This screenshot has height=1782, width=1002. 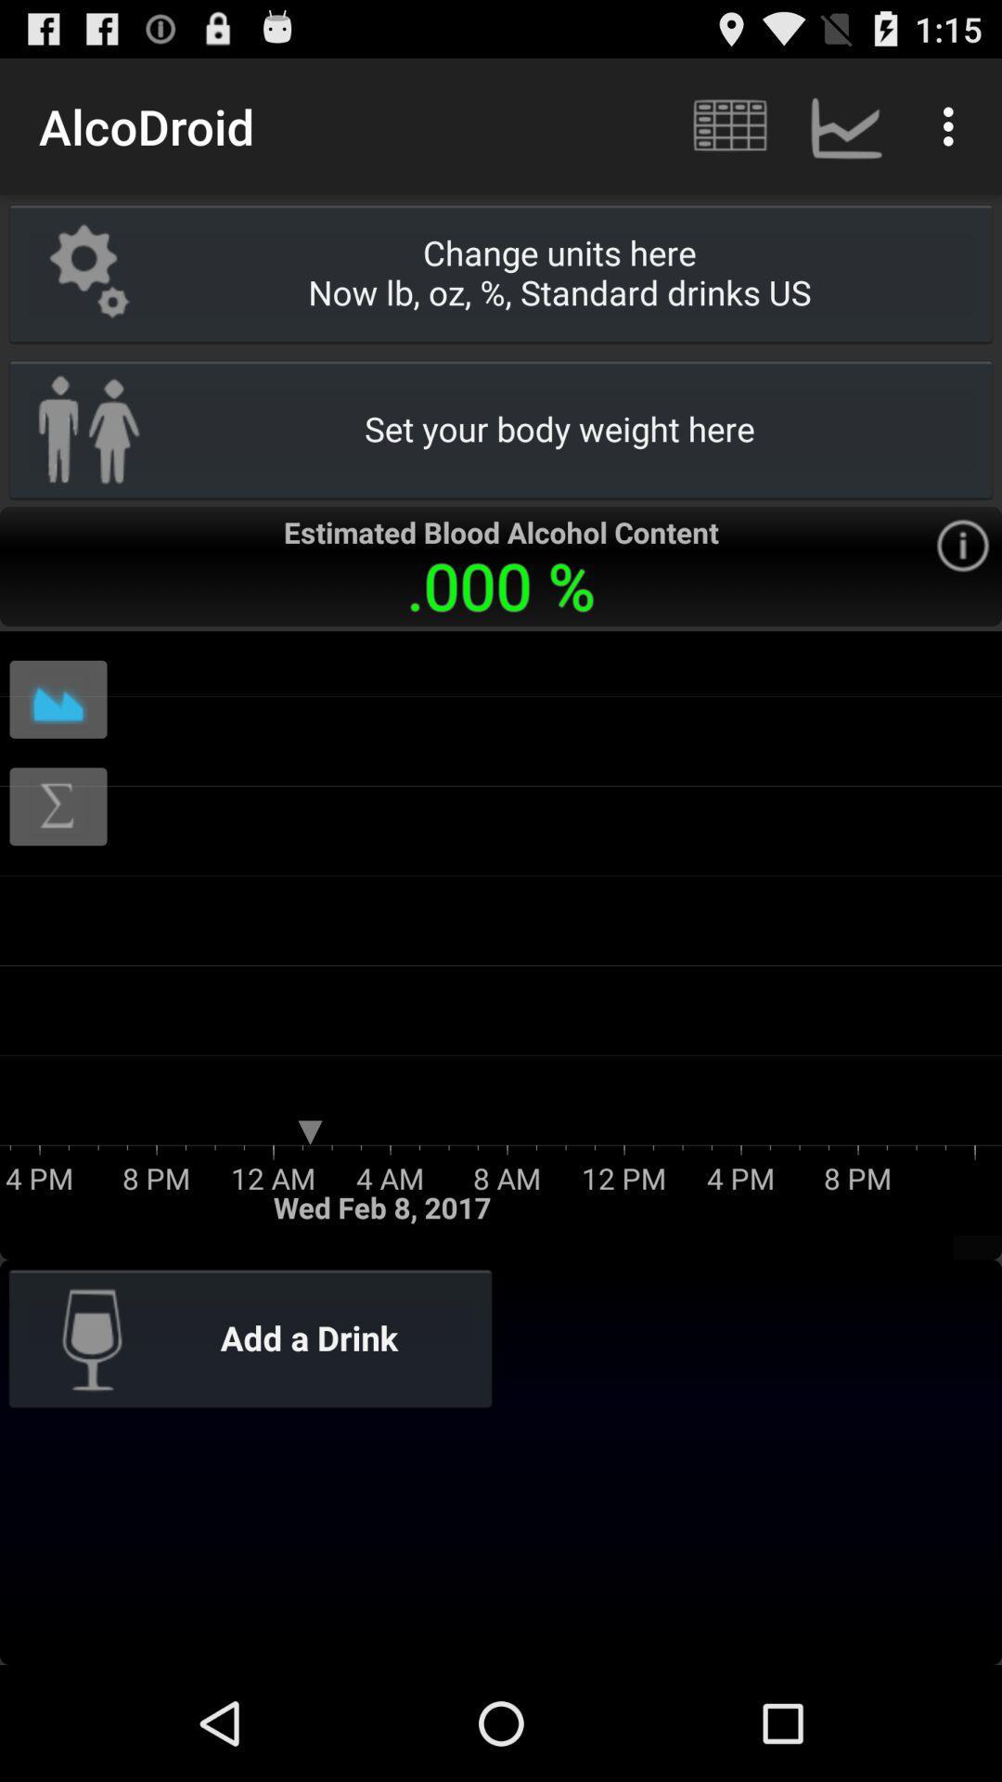 What do you see at coordinates (961, 545) in the screenshot?
I see `show information` at bounding box center [961, 545].